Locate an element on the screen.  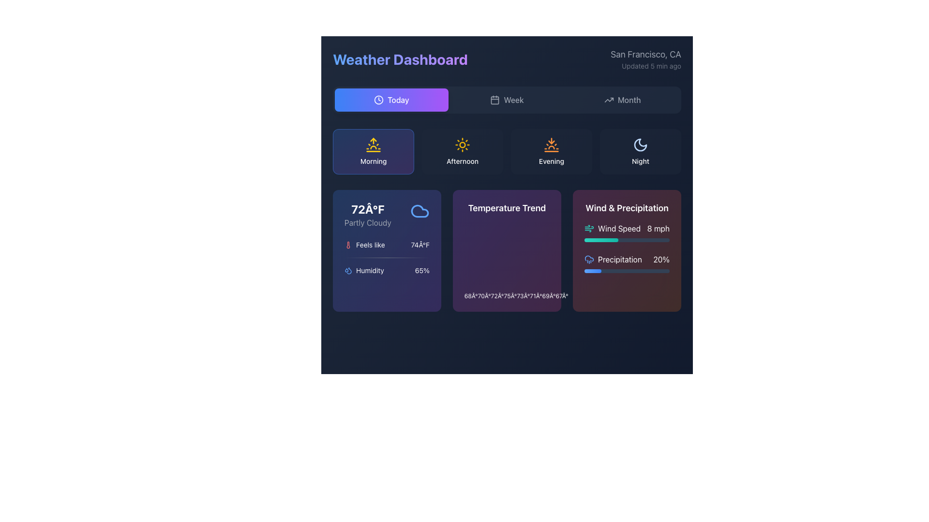
precipitation level is located at coordinates (630, 240).